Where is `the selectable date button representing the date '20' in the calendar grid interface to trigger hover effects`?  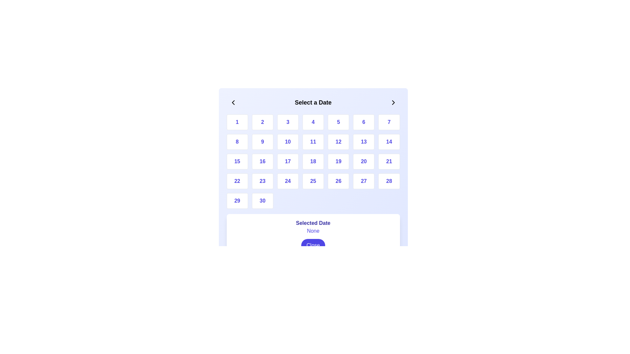
the selectable date button representing the date '20' in the calendar grid interface to trigger hover effects is located at coordinates (363, 162).